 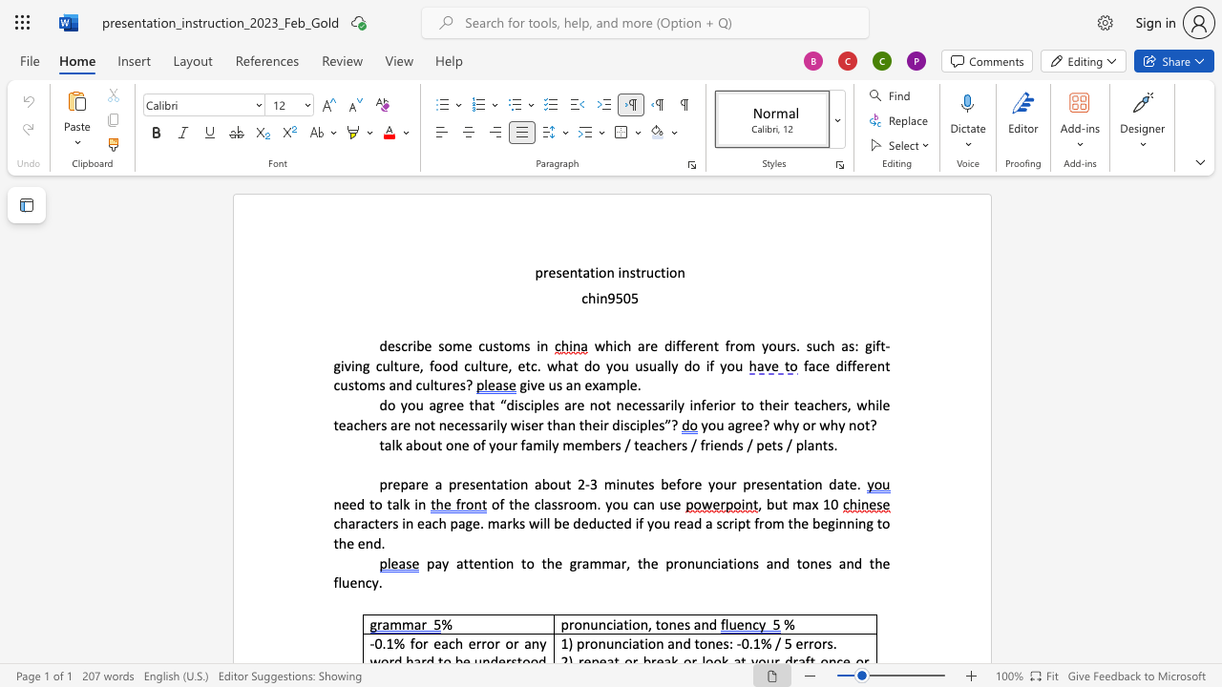 I want to click on the space between the continuous character "m" and "b" in the text, so click(x=592, y=444).